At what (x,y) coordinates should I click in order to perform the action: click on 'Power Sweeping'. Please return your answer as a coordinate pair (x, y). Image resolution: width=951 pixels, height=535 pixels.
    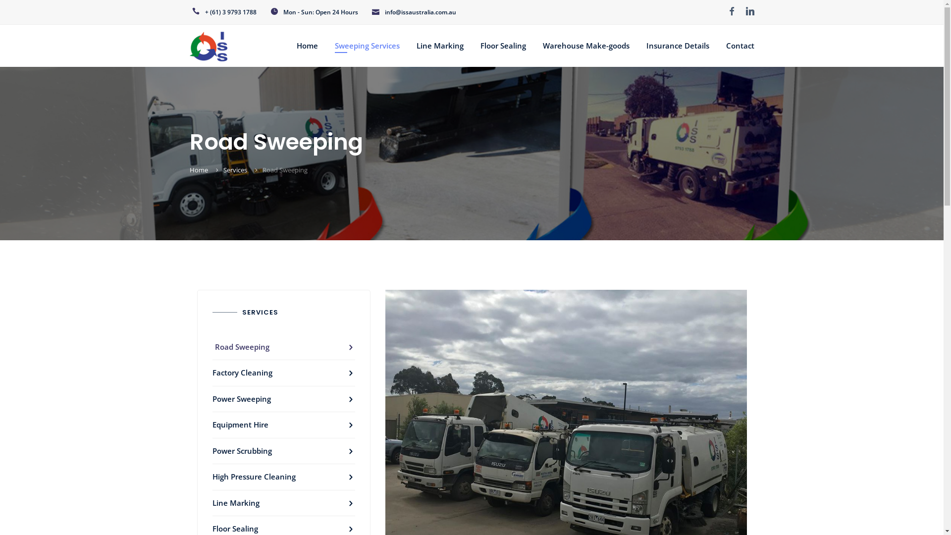
    Looking at the image, I should click on (282, 399).